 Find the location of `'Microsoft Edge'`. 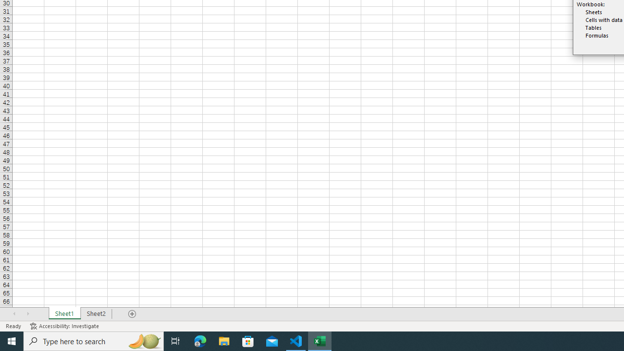

'Microsoft Edge' is located at coordinates (200, 340).